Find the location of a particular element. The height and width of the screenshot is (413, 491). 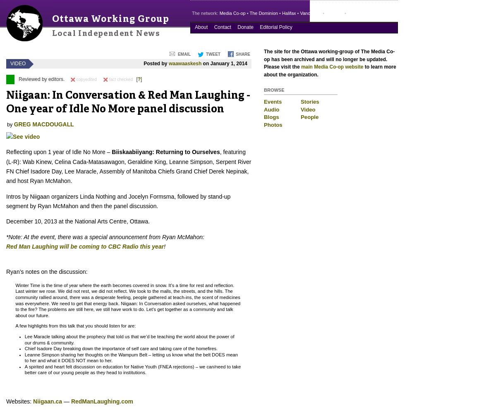

'Media Co-op' is located at coordinates (232, 13).